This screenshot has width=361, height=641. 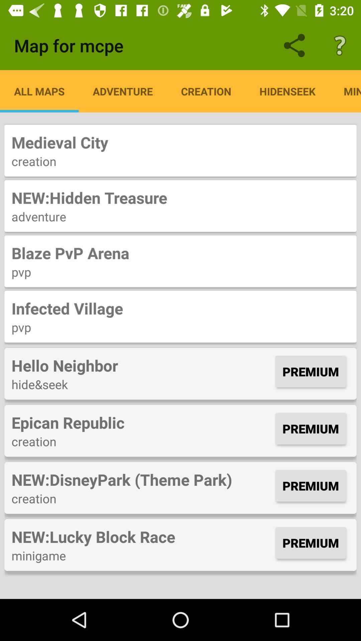 I want to click on the icon above creation icon, so click(x=180, y=142).